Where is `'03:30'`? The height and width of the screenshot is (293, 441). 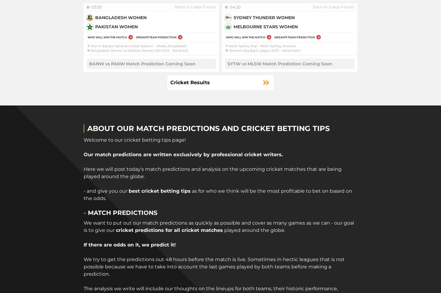 '03:30' is located at coordinates (91, 7).